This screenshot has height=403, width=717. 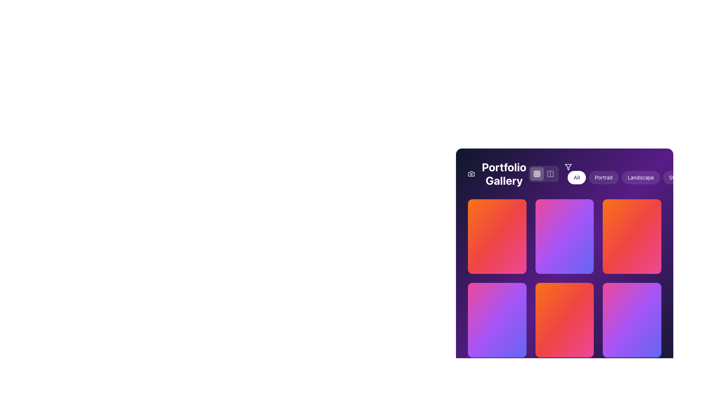 I want to click on the funnel-shaped filter icon located in the top right corner of the UI, so click(x=568, y=166).